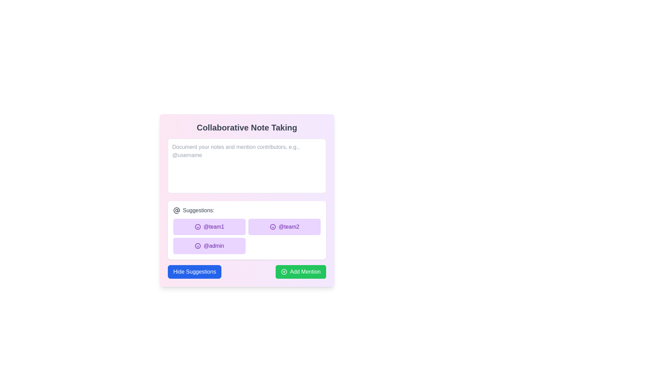  Describe the element at coordinates (301, 272) in the screenshot. I see `the 'Add Mention' button with a green background and white text` at that location.